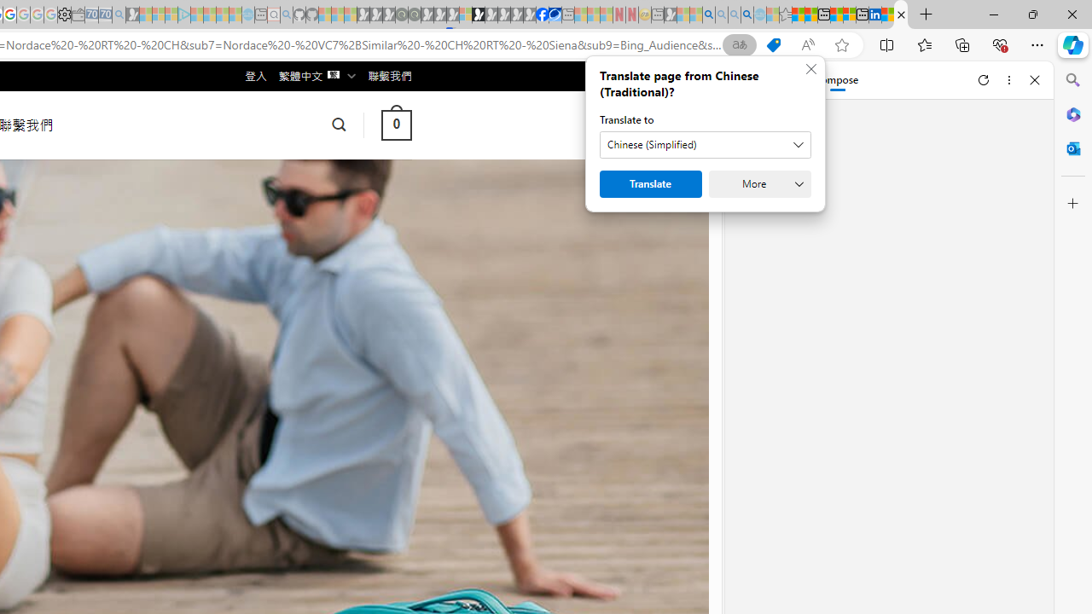 This screenshot has height=614, width=1092. Describe the element at coordinates (395, 124) in the screenshot. I see `'  0  '` at that location.